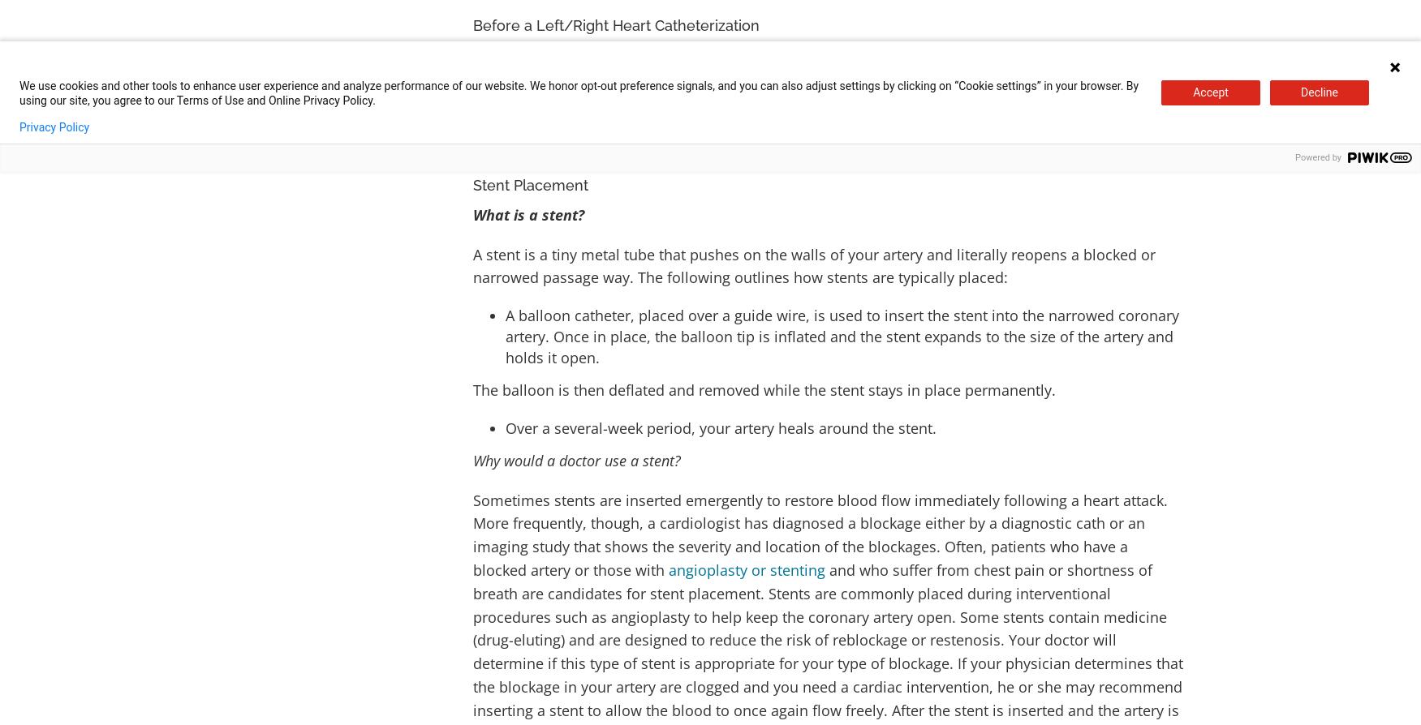 The image size is (1421, 725). What do you see at coordinates (825, 101) in the screenshot?
I see `'Do not eat or drink after midnight on the evening before the procedure. Take your regular medications, but only have a small amount of water to take pills. If you take blood thinners or have diabetes, talk with your doctor about any special instructions.  If you are allowed to return home, you will not be able to drive, so you will need to have a driver to take you home from the hospital. Your cardiologist will advise you of any special instructions and precautions once you are home.'` at bounding box center [825, 101].